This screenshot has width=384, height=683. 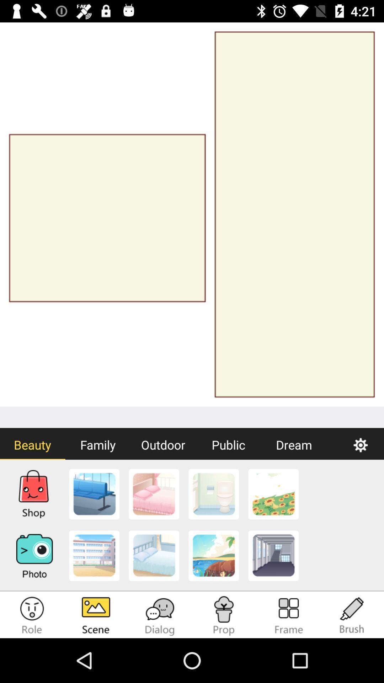 What do you see at coordinates (160, 615) in the screenshot?
I see `the chat icon` at bounding box center [160, 615].